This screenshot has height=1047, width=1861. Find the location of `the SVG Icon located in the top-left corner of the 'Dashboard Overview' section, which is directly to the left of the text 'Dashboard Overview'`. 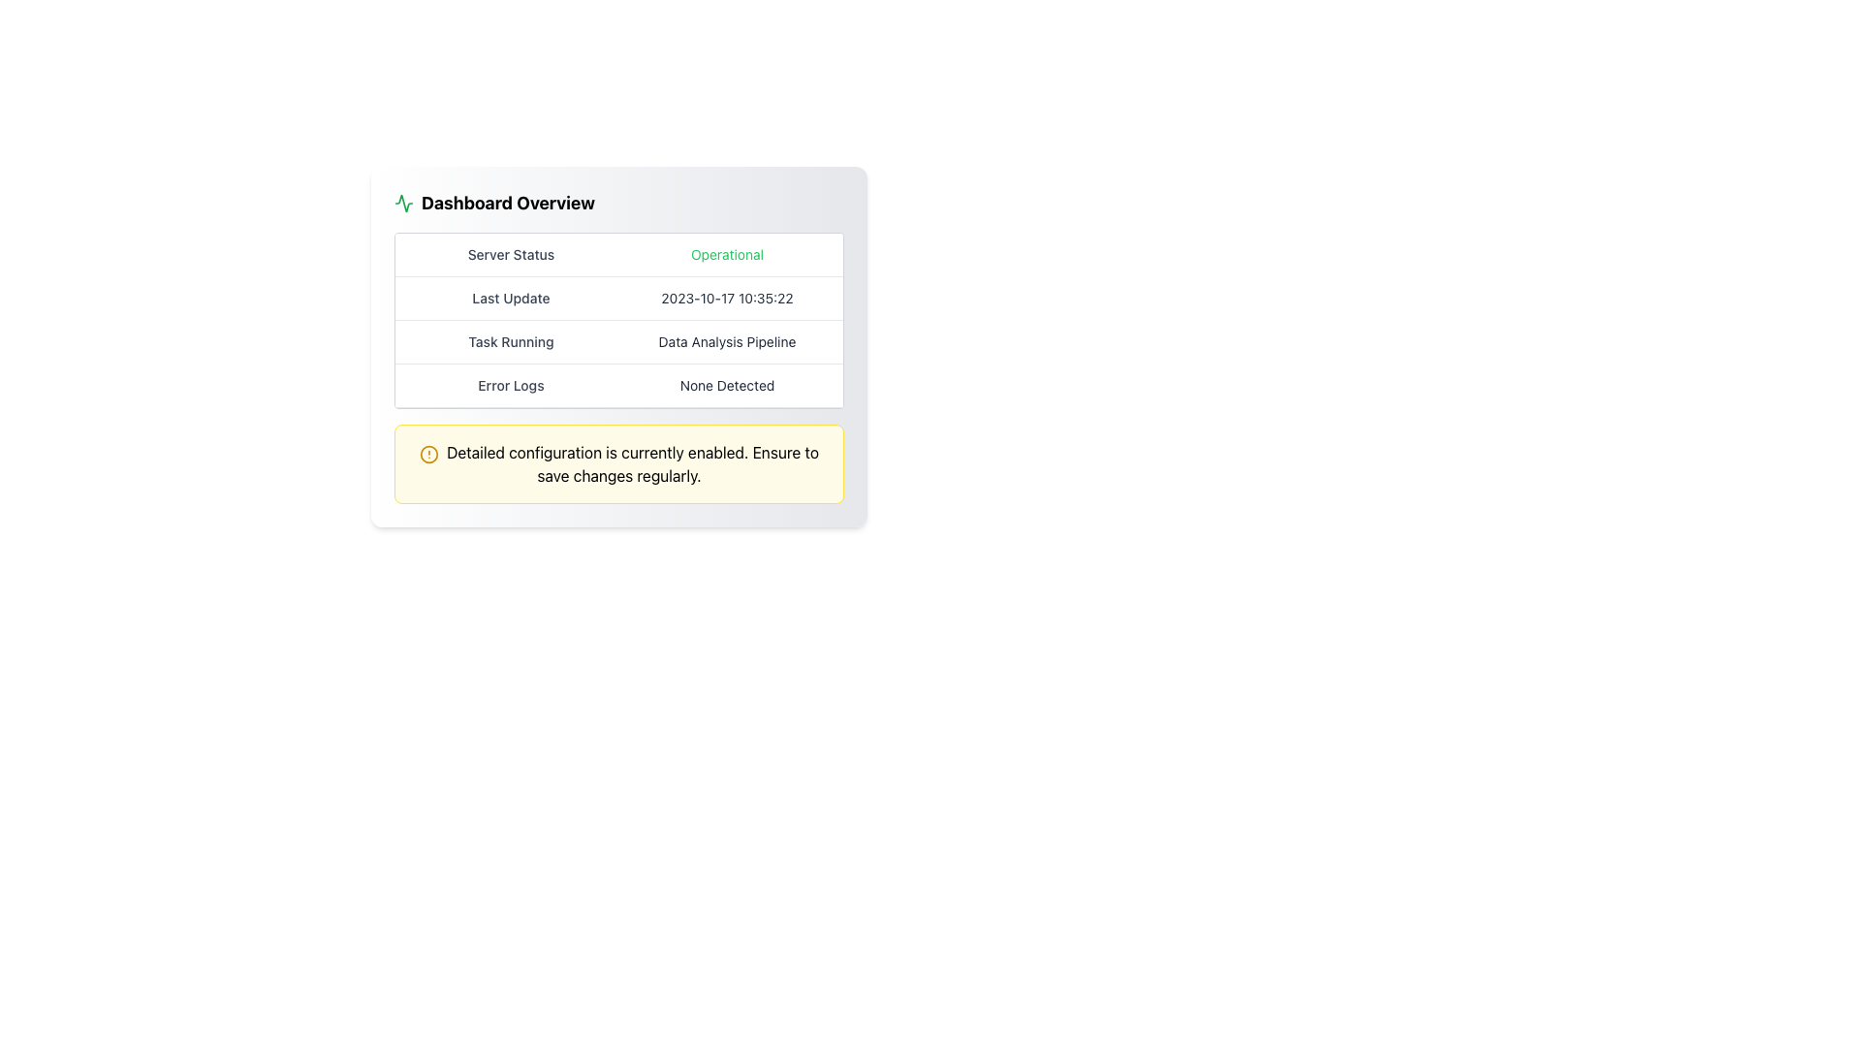

the SVG Icon located in the top-left corner of the 'Dashboard Overview' section, which is directly to the left of the text 'Dashboard Overview' is located at coordinates (403, 203).